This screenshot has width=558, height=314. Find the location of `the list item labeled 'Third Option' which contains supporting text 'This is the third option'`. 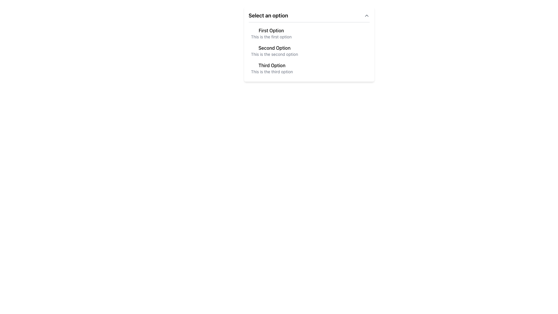

the list item labeled 'Third Option' which contains supporting text 'This is the third option' is located at coordinates (271, 68).